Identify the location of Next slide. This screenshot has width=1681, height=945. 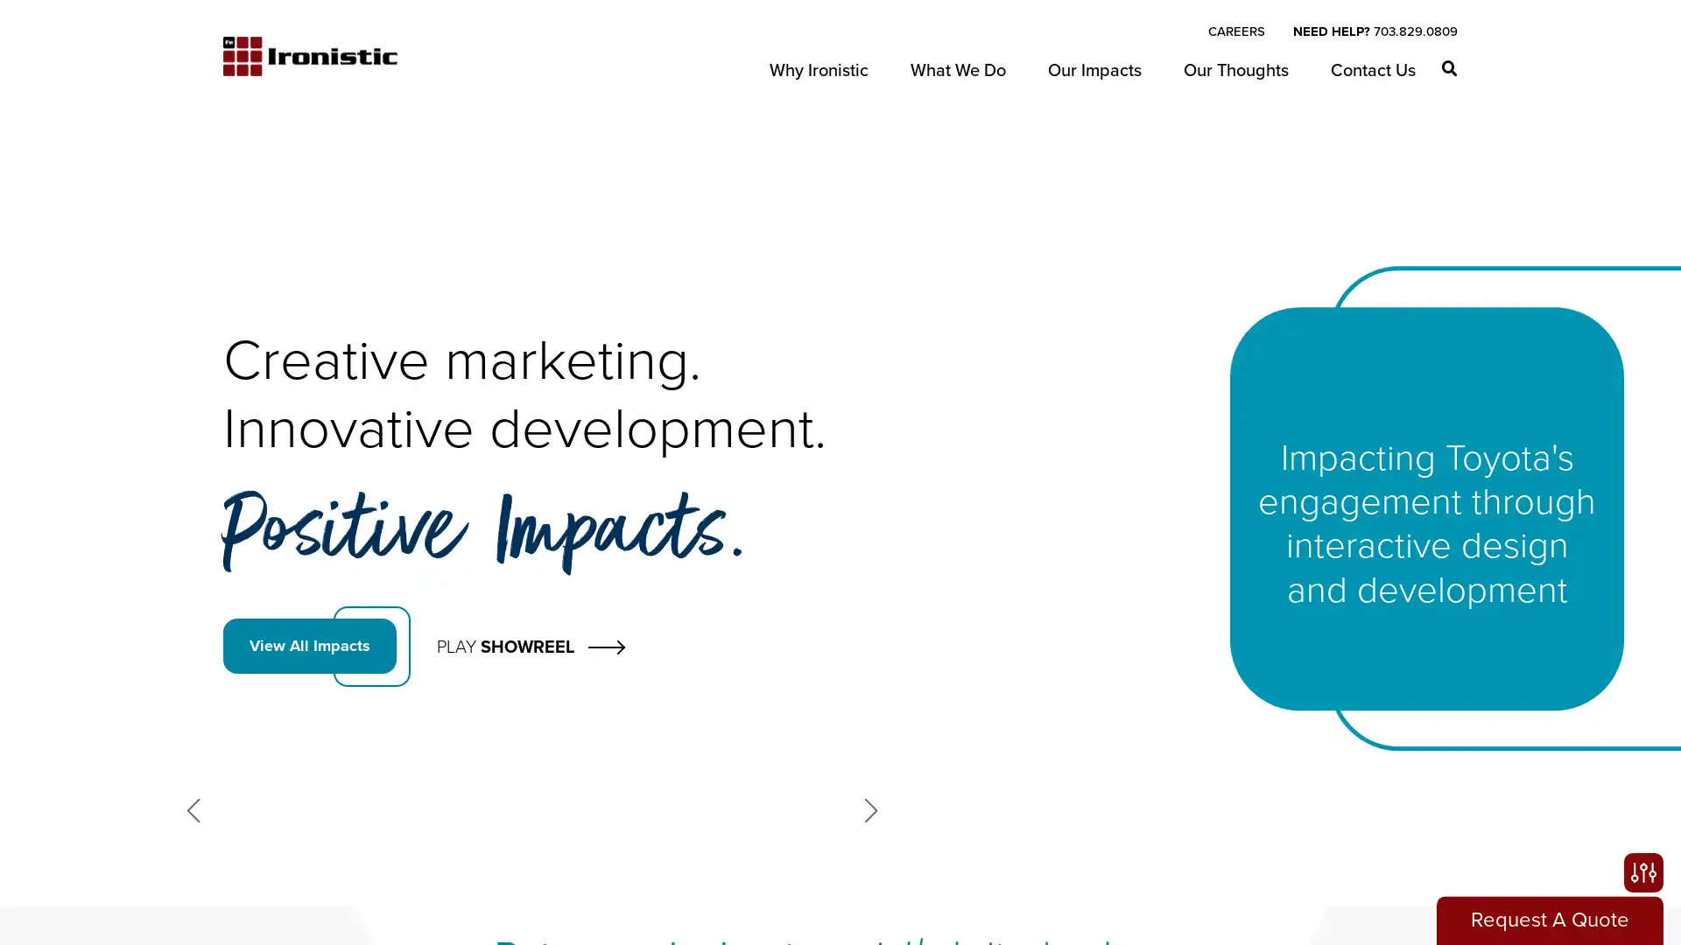
(870, 809).